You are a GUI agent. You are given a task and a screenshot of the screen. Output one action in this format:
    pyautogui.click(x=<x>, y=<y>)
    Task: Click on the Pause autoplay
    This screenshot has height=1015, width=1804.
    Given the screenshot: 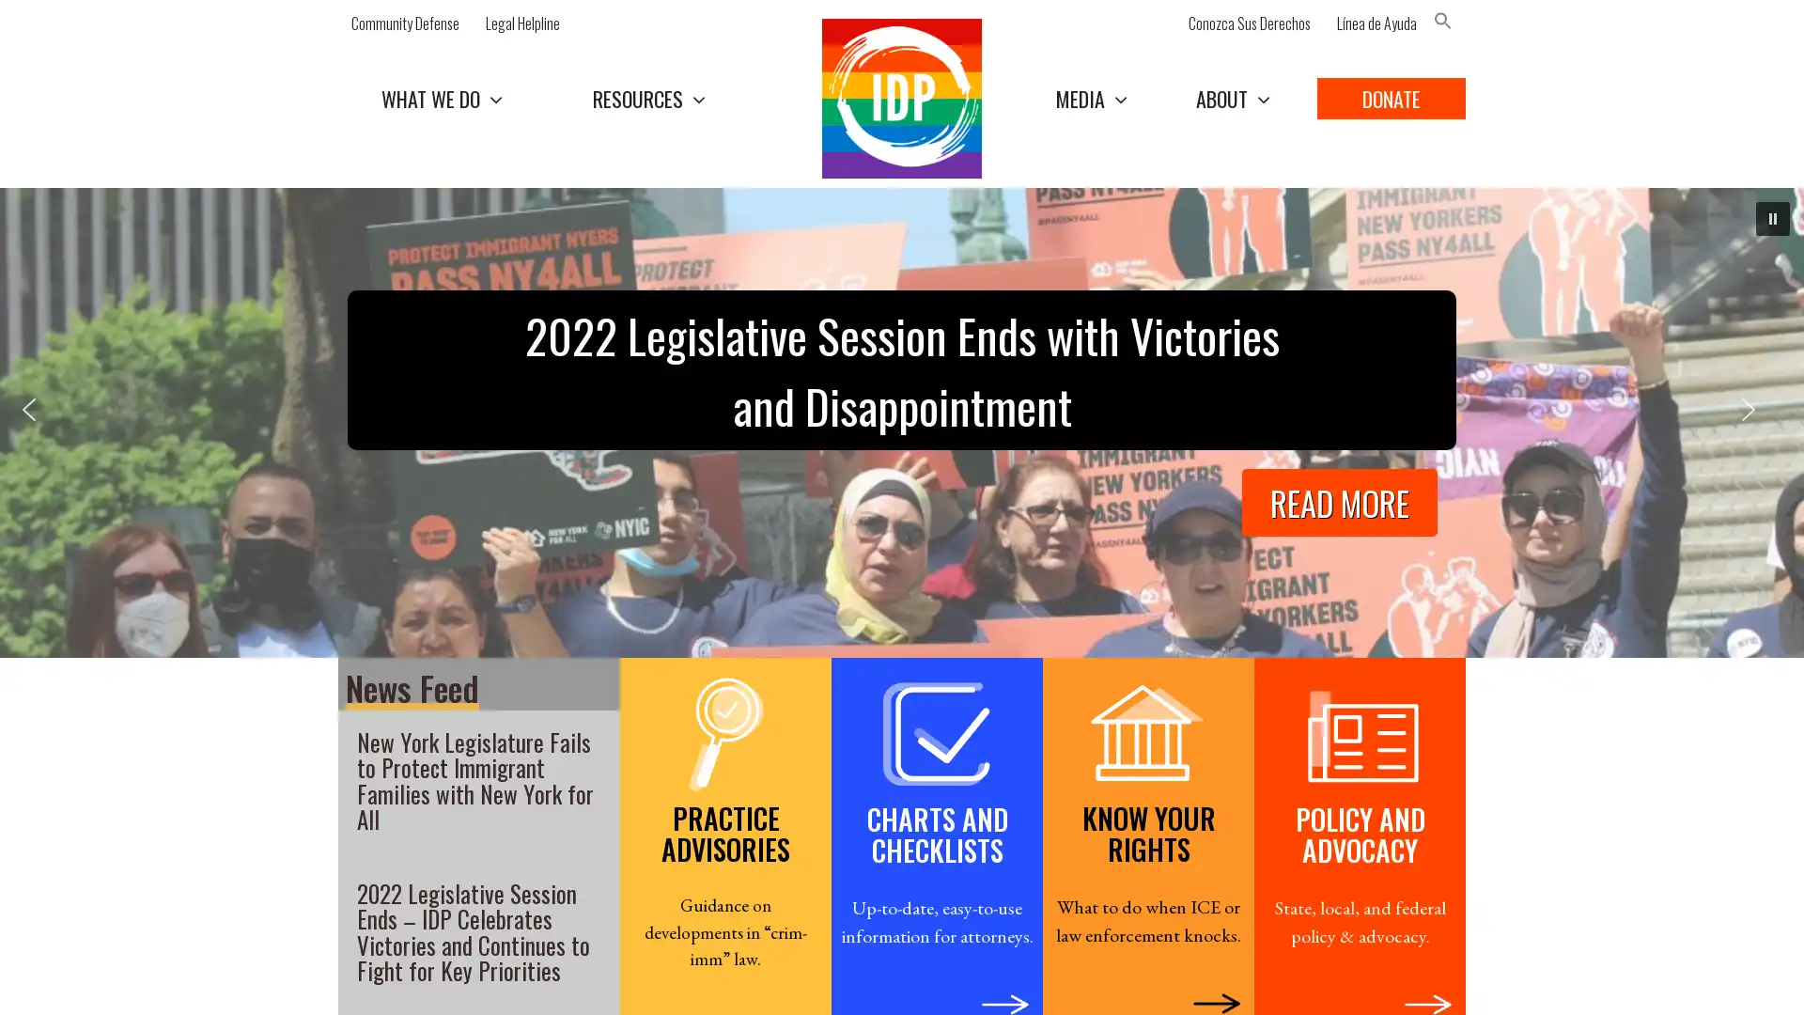 What is the action you would take?
    pyautogui.click(x=1771, y=217)
    